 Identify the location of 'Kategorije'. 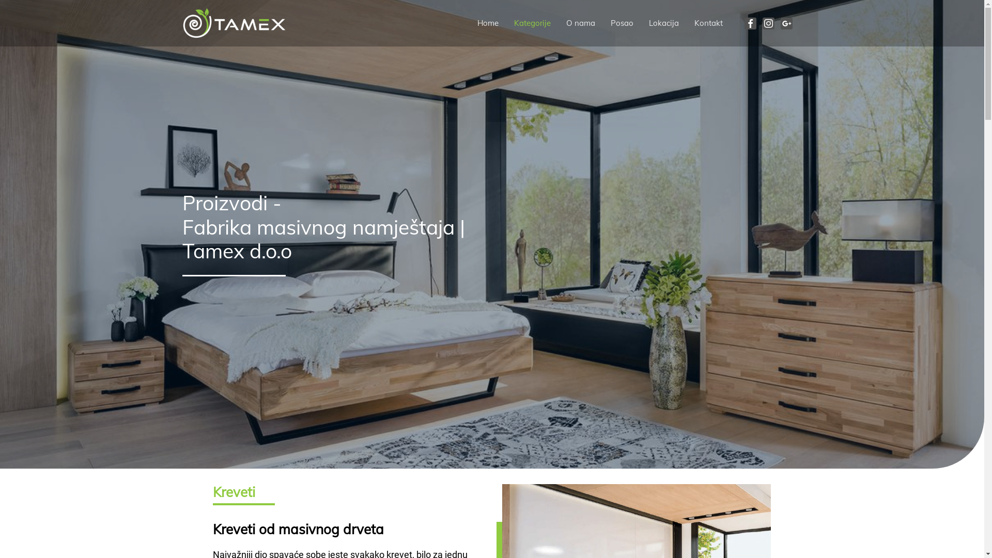
(532, 23).